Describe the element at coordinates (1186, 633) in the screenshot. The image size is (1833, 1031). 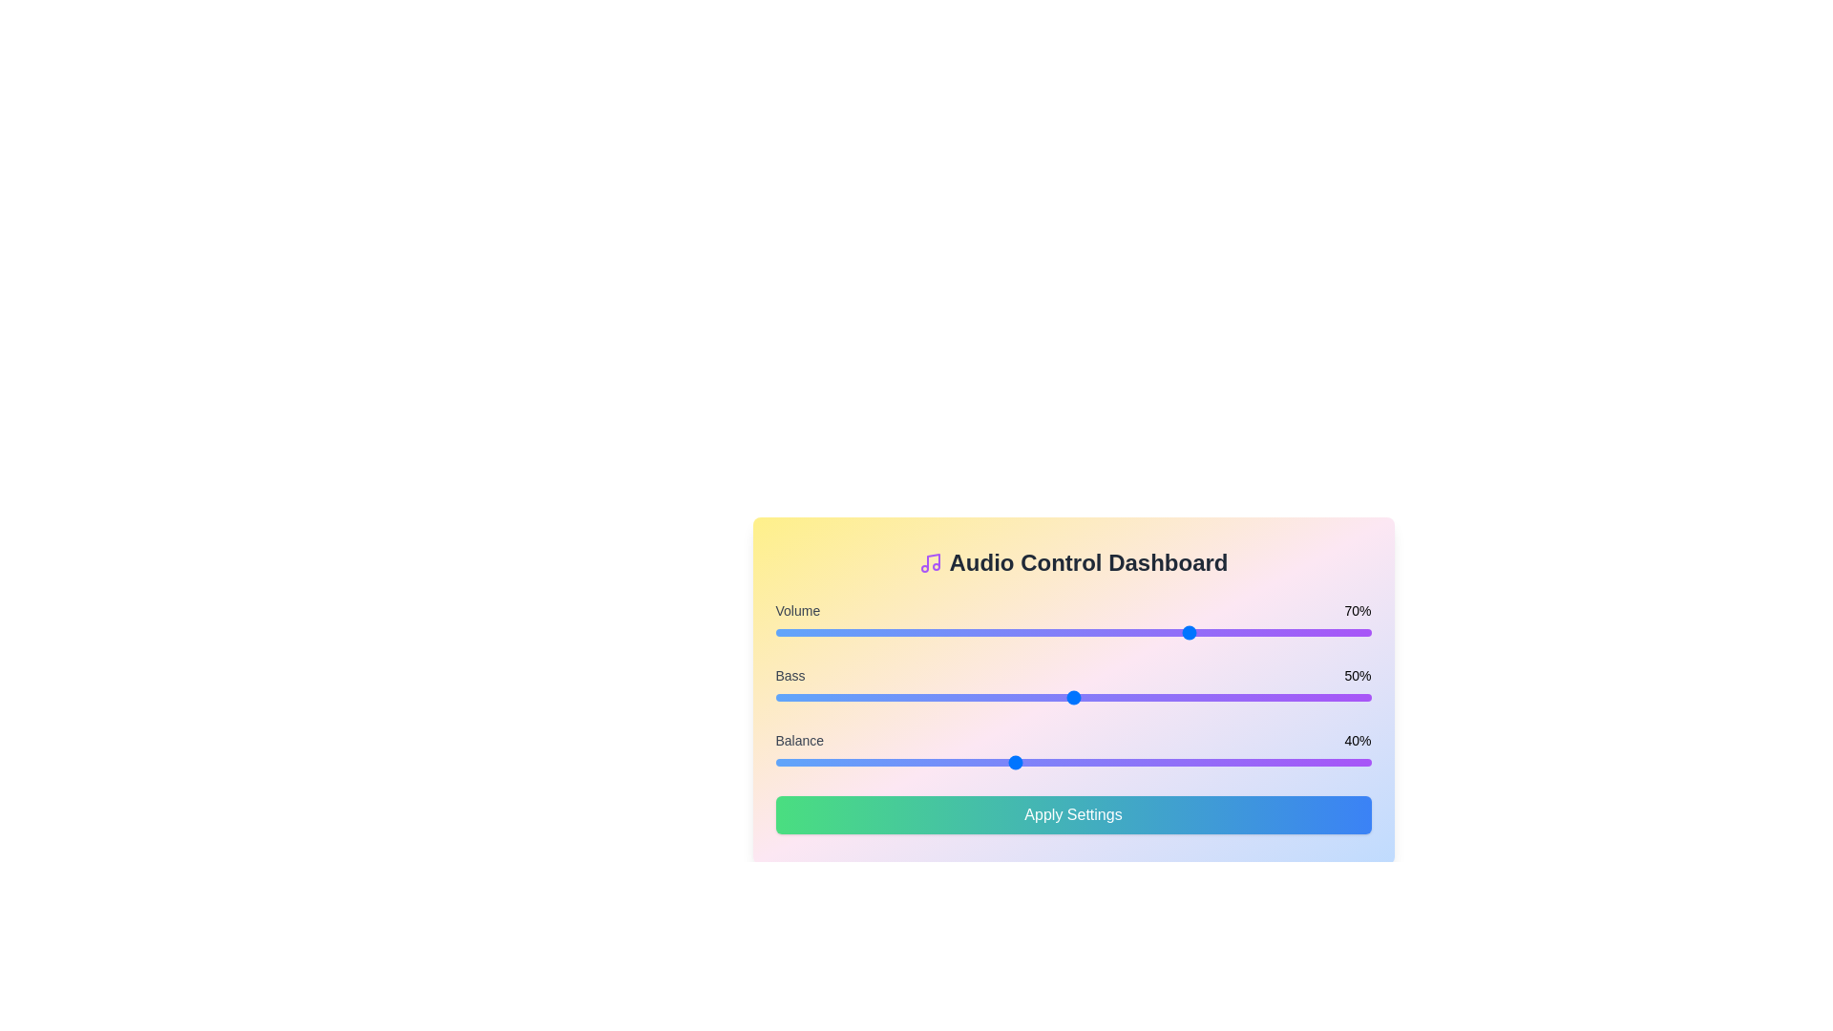
I see `the volume slider` at that location.